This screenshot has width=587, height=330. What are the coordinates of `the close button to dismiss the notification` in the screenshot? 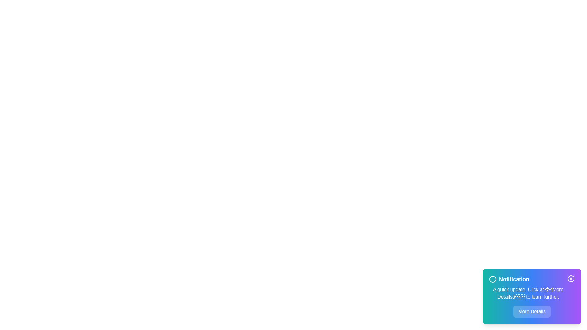 It's located at (570, 278).